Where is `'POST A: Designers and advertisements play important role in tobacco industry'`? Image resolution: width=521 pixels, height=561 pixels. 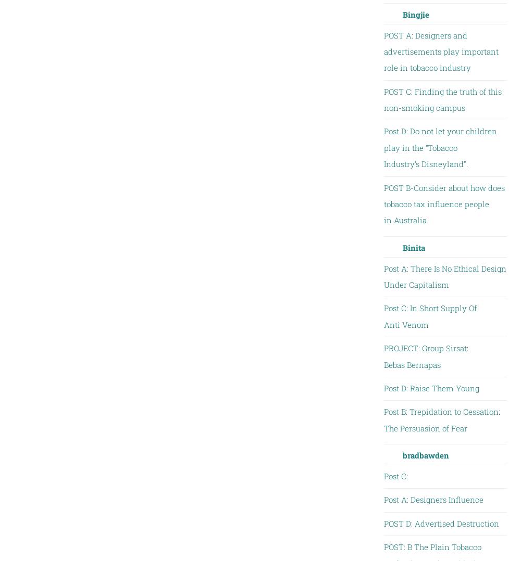
'POST A: Designers and advertisements play important role in tobacco industry' is located at coordinates (383, 50).